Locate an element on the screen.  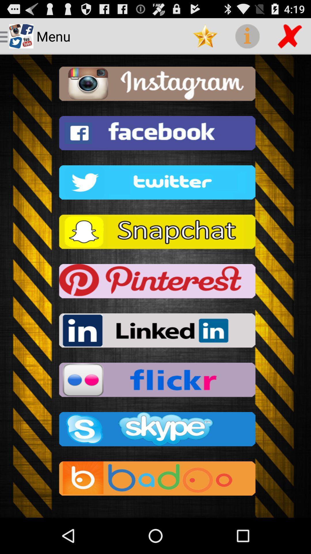
linked in field is located at coordinates (155, 332).